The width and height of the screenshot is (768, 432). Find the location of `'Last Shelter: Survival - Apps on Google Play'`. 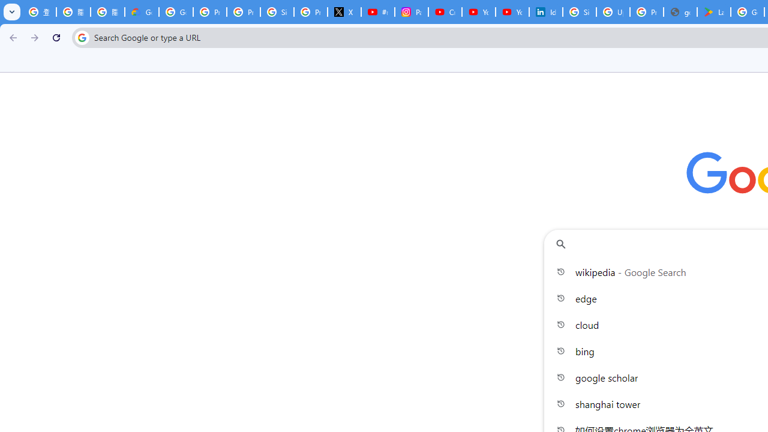

'Last Shelter: Survival - Apps on Google Play' is located at coordinates (714, 12).